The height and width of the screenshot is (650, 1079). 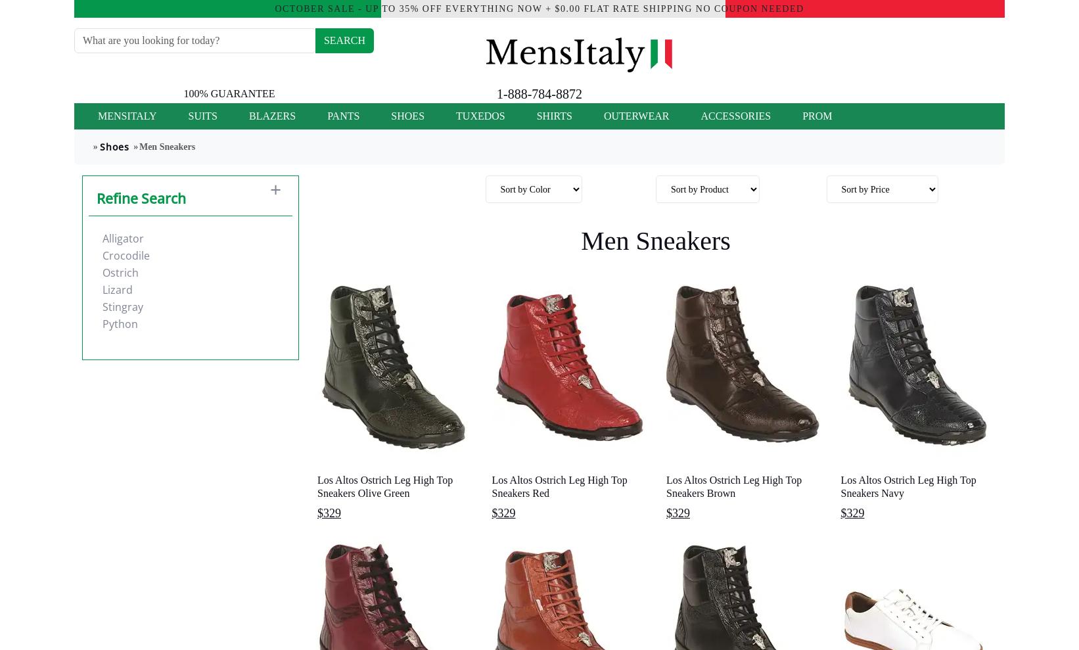 I want to click on 'Zapato para Hombre de Piel de Avestruz Completa Original Premium', so click(x=731, y=421).